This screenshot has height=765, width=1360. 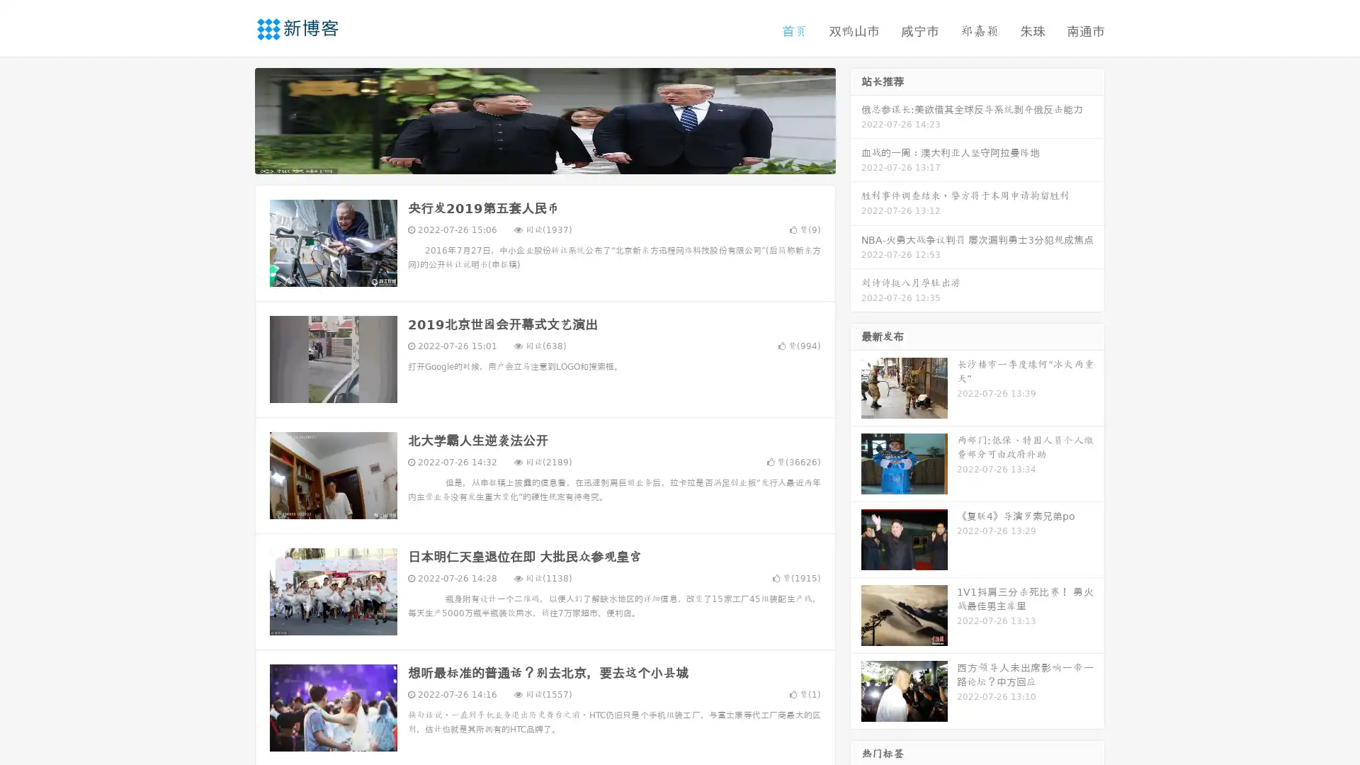 What do you see at coordinates (234, 119) in the screenshot?
I see `Previous slide` at bounding box center [234, 119].